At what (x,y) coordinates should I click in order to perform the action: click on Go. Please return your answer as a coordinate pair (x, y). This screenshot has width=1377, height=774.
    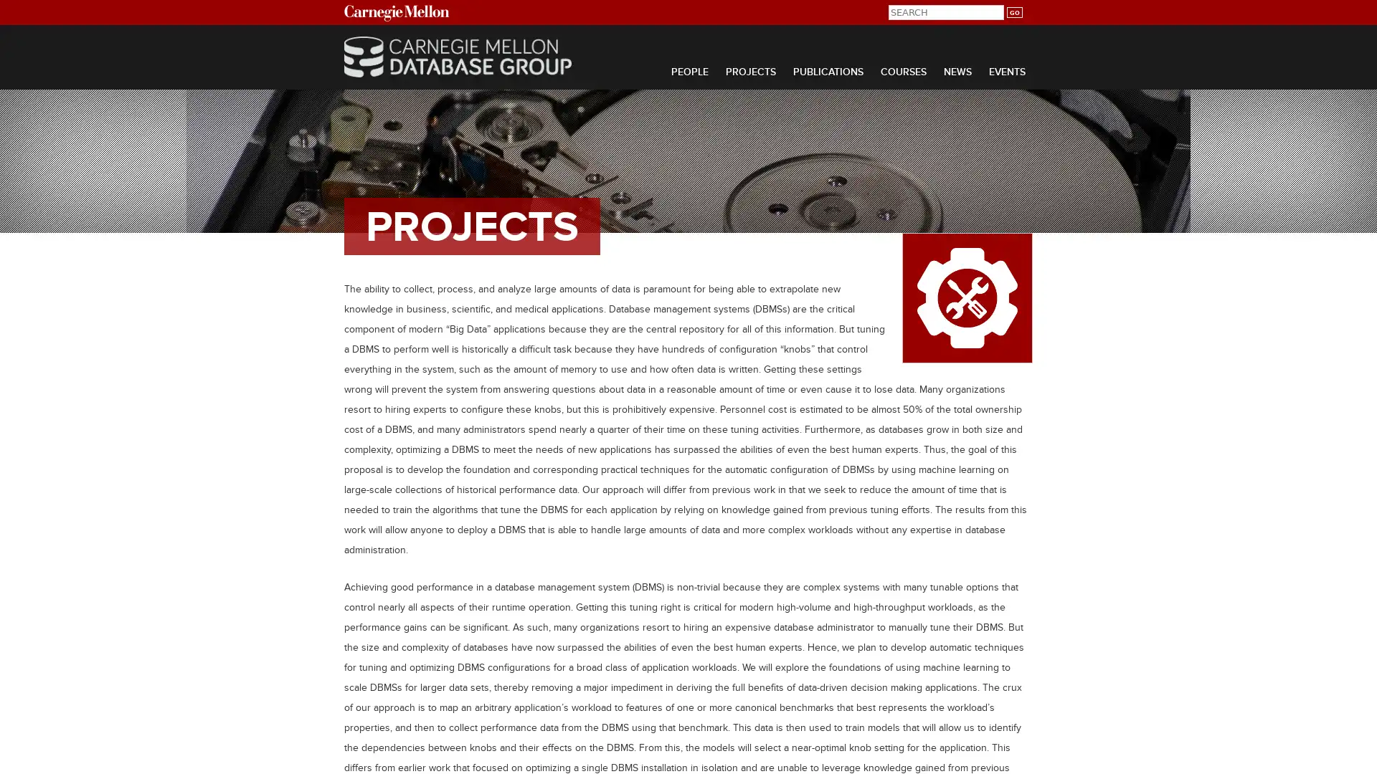
    Looking at the image, I should click on (1013, 12).